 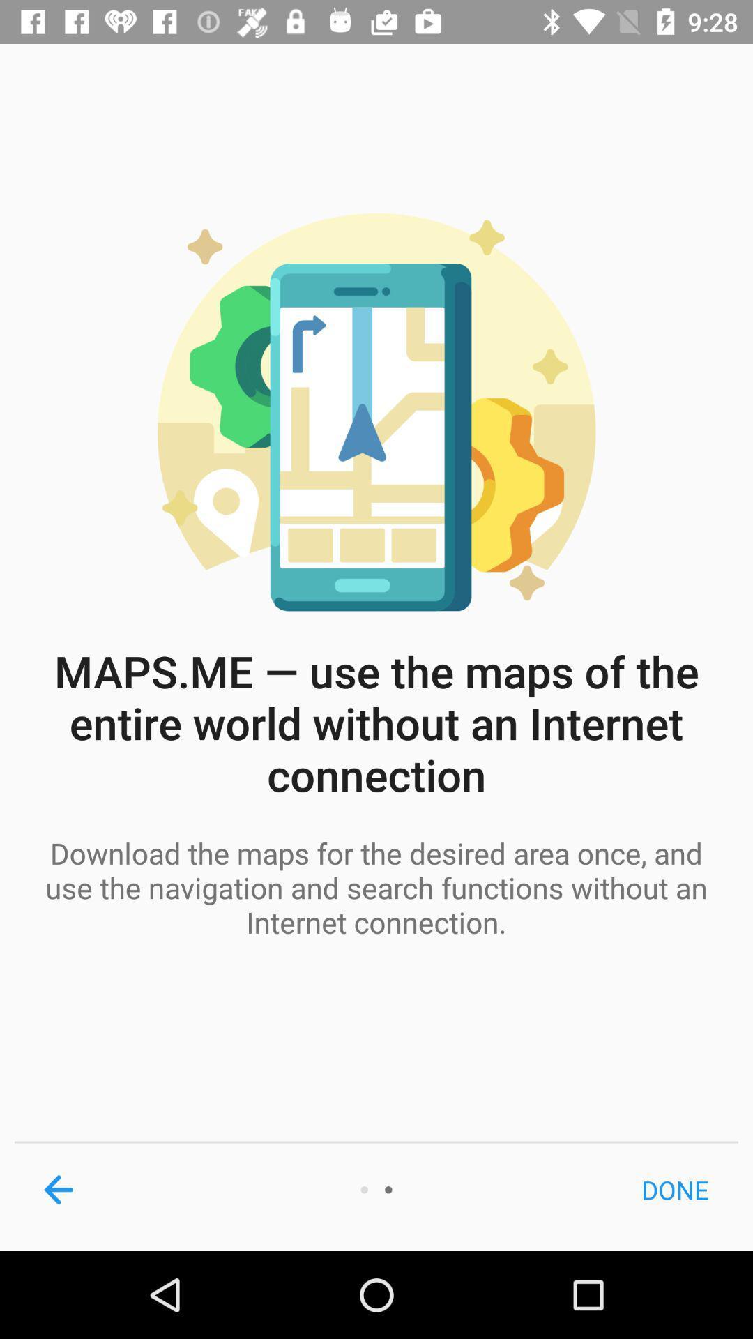 What do you see at coordinates (674, 1189) in the screenshot?
I see `the done` at bounding box center [674, 1189].